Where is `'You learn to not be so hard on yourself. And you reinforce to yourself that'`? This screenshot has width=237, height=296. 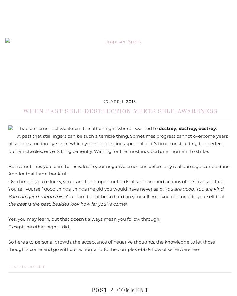 'You learn to not be so hard on yourself. And you reinforce to yourself that' is located at coordinates (65, 196).